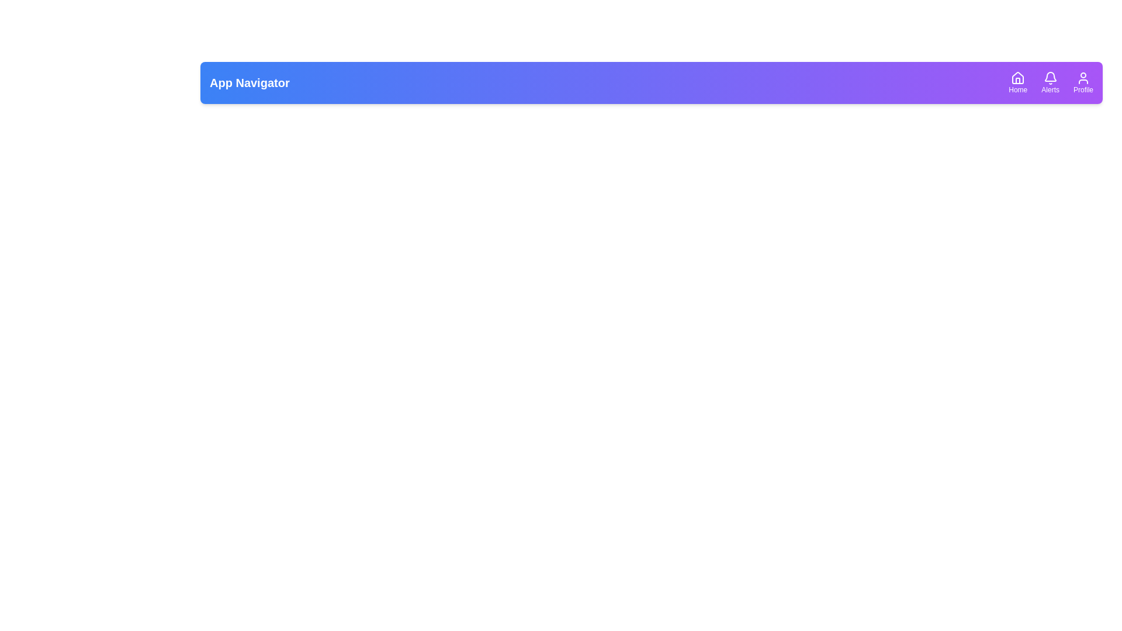  Describe the element at coordinates (1050, 82) in the screenshot. I see `the 'Alerts' button with a bell icon located in the header navigation bar, positioned centrally among three options, to change its color` at that location.